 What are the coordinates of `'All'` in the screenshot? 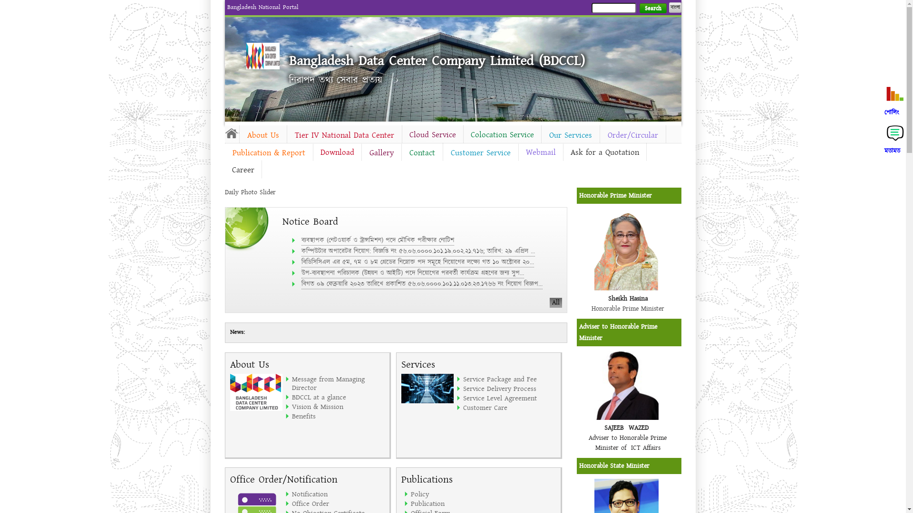 It's located at (550, 303).